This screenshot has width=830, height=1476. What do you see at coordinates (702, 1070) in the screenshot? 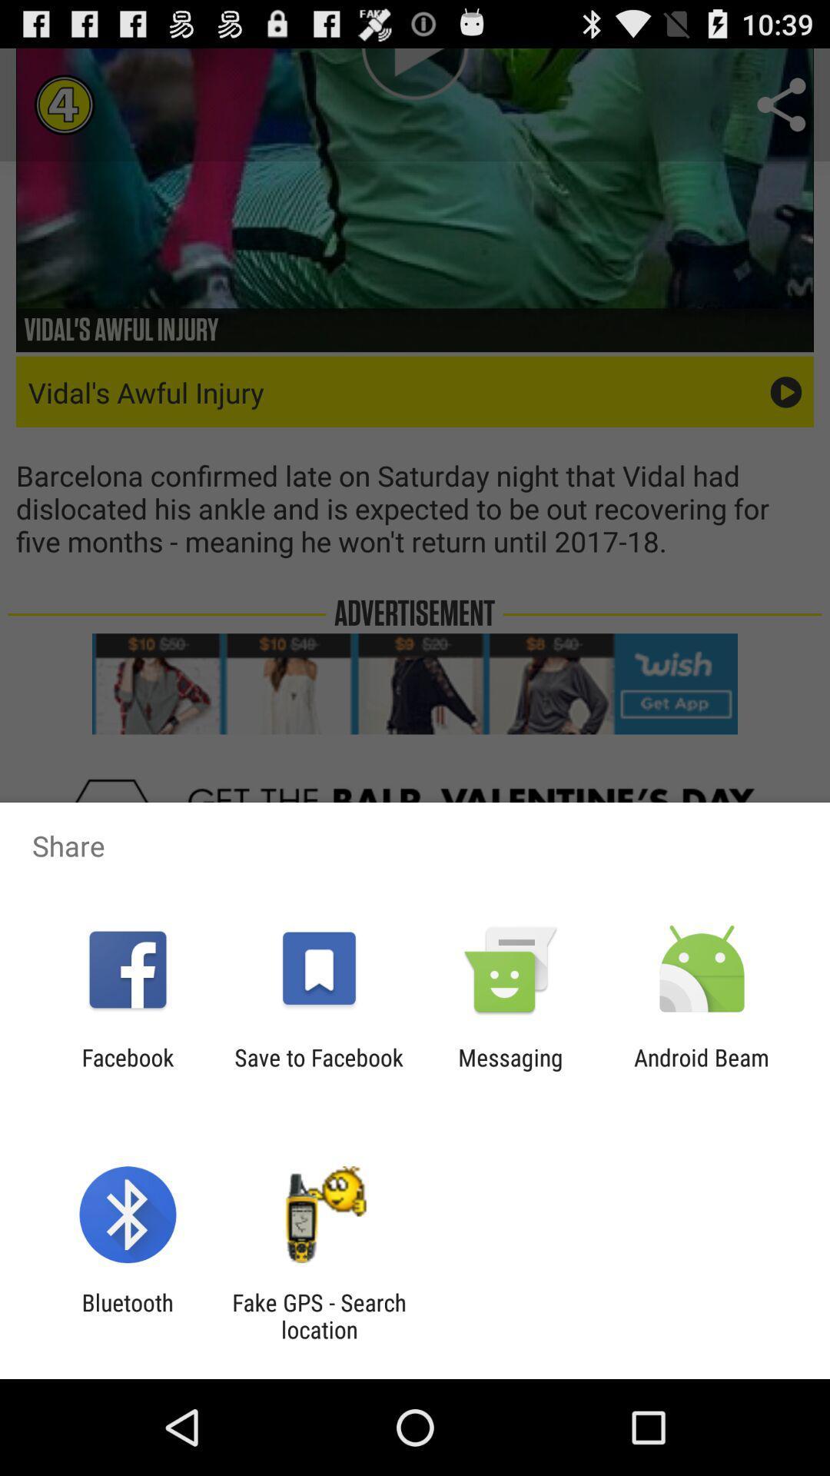
I see `android beam icon` at bounding box center [702, 1070].